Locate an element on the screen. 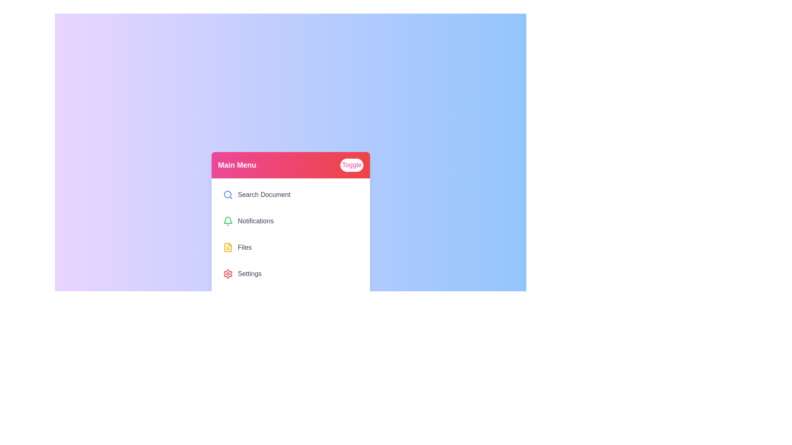 The height and width of the screenshot is (445, 792). 'Toggle' button to toggle the visibility of the menu is located at coordinates (351, 165).